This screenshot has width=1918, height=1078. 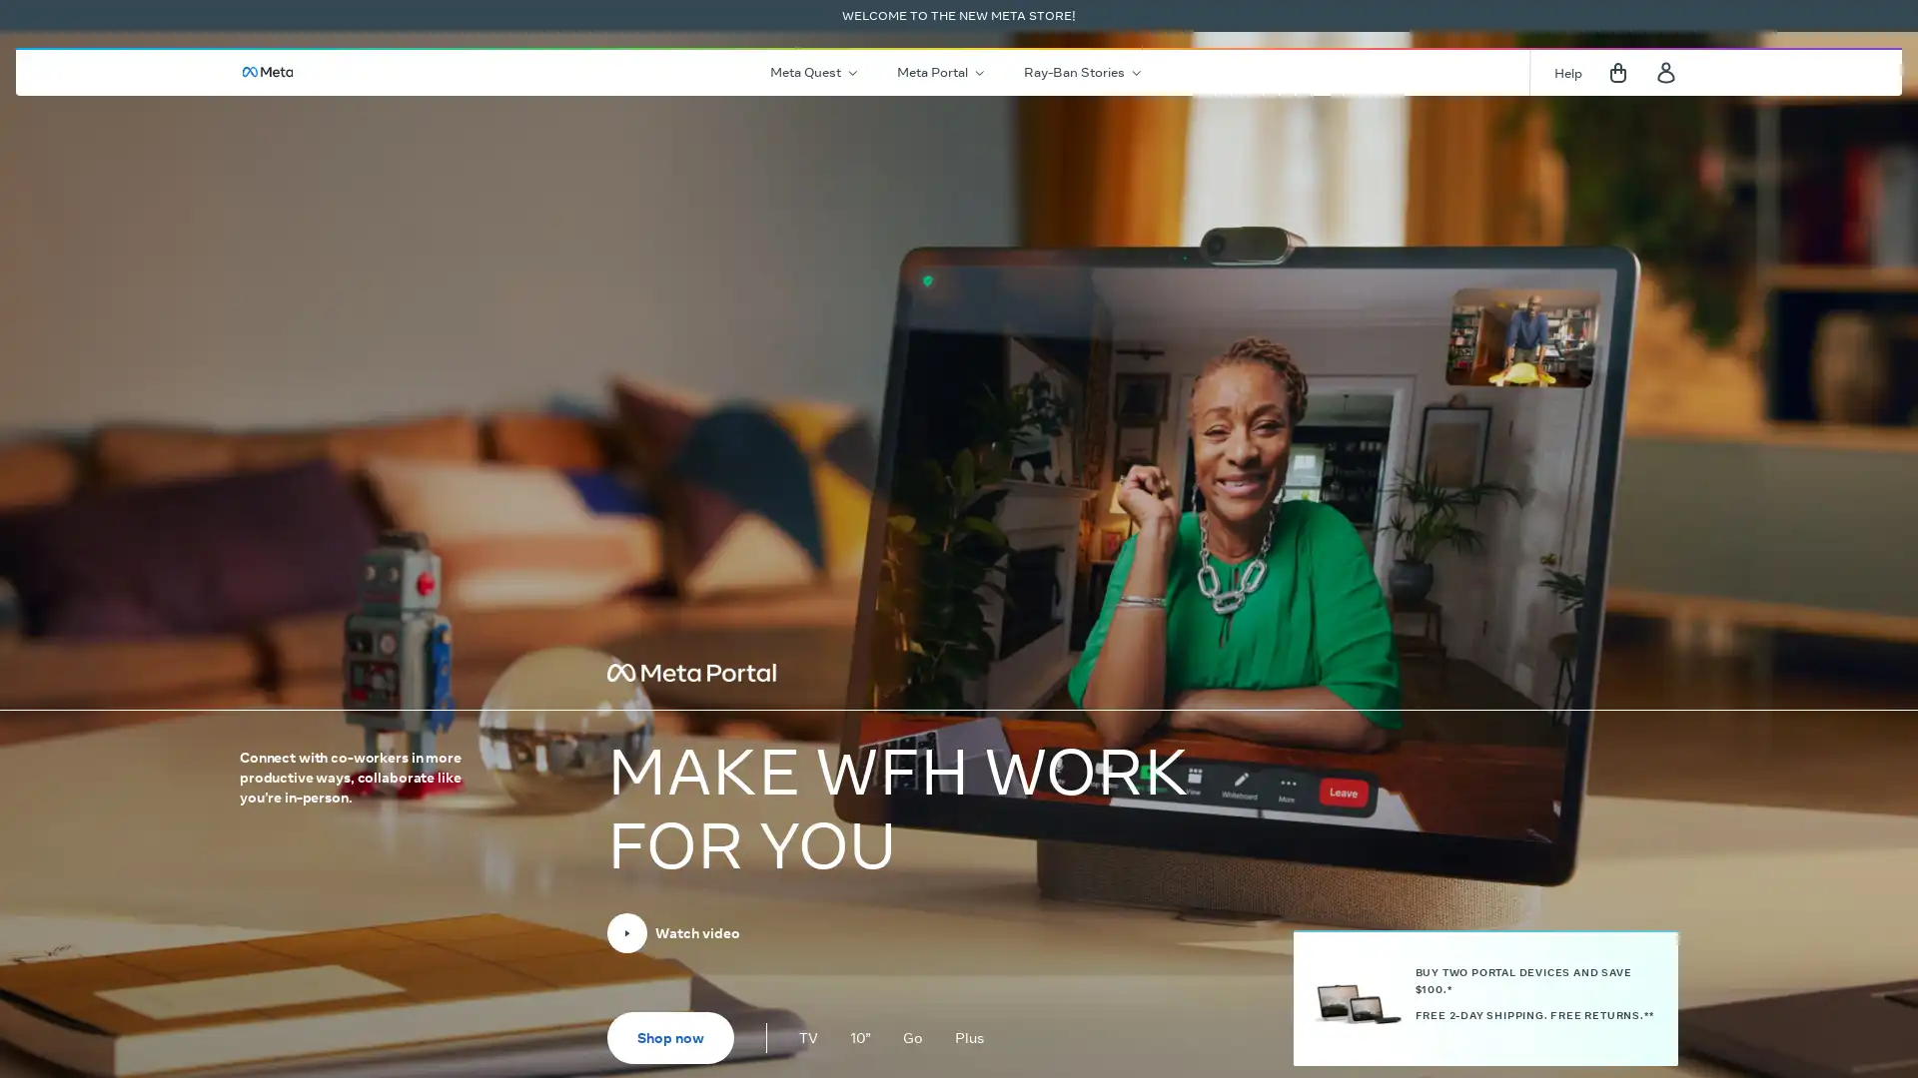 I want to click on Ray-Ban Stories, so click(x=1080, y=71).